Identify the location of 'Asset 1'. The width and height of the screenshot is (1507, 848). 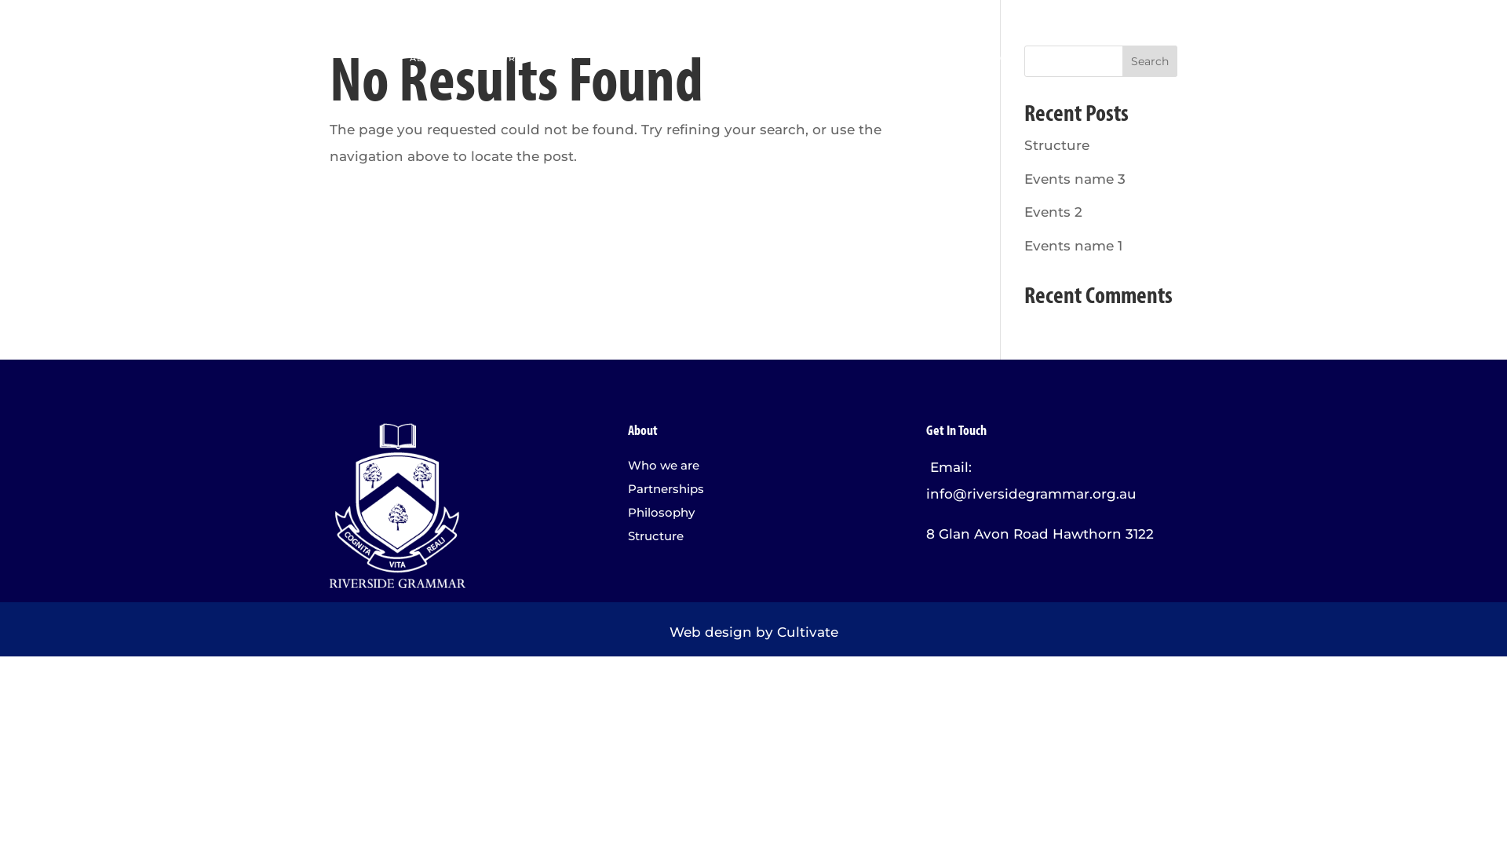
(329, 505).